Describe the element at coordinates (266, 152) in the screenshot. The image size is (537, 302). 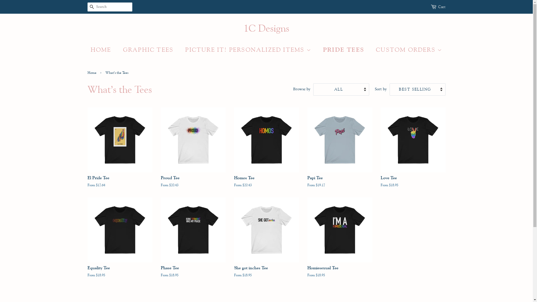
I see `'Homos Tee` at that location.